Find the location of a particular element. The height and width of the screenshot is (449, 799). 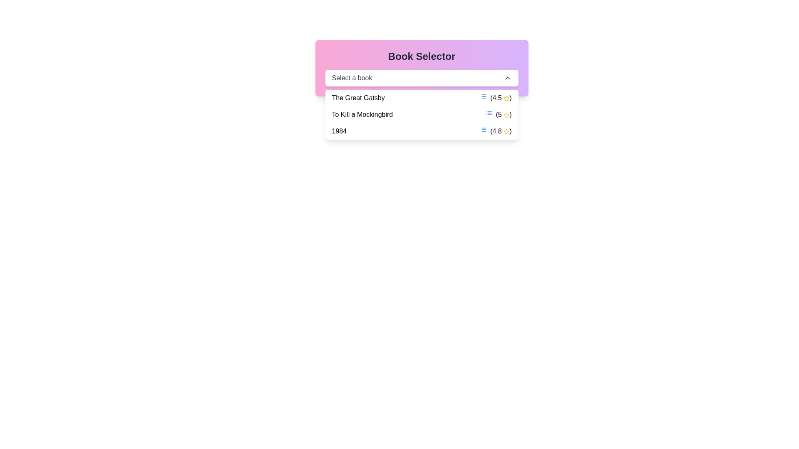

the rating indicator displaying a numerical rating '(5)' followed by a yellow star icon, positioned on the right-hand side of the book entry for 'To Kill a Mockingbird' is located at coordinates (499, 115).